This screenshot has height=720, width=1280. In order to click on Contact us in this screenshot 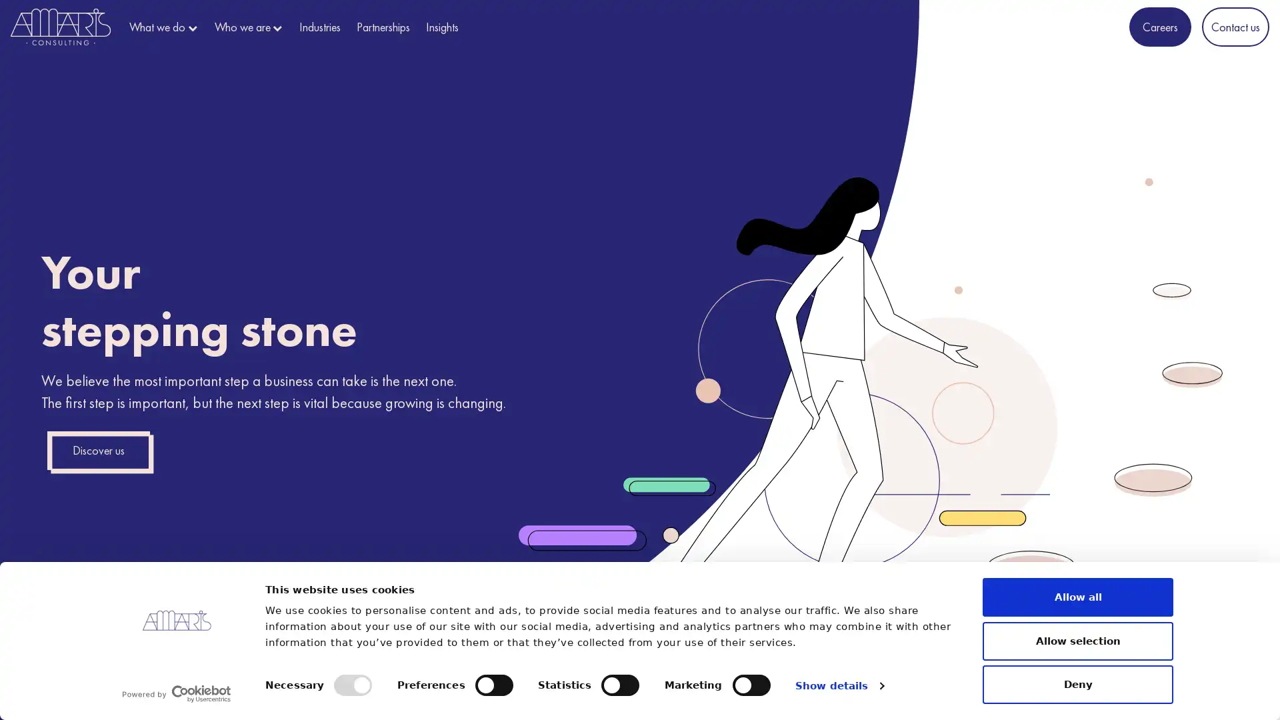, I will do `click(1235, 27)`.